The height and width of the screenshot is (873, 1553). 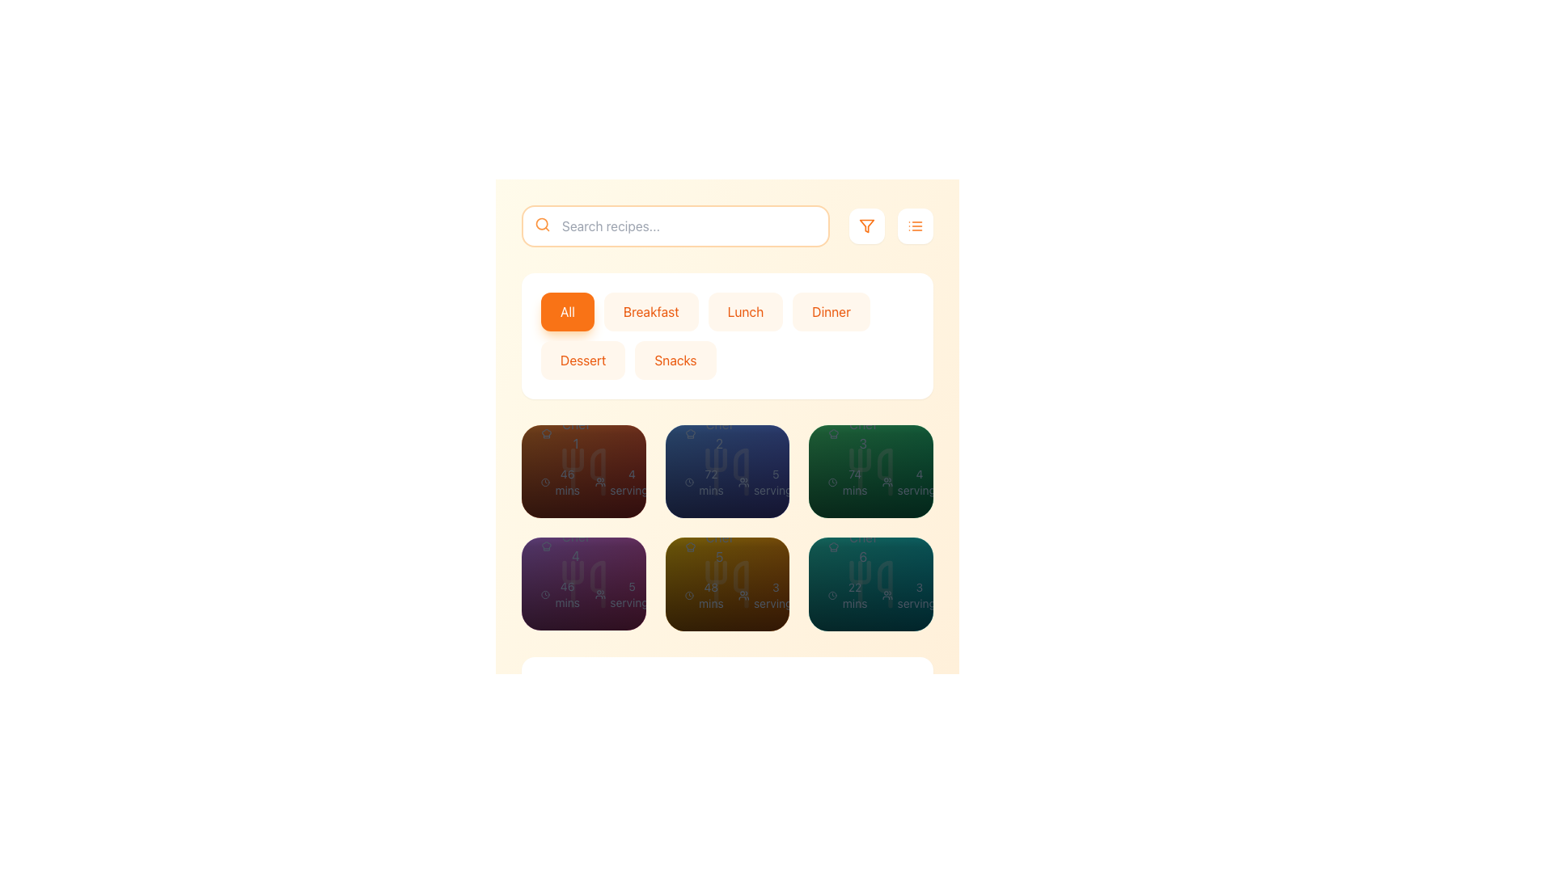 I want to click on the text indicator showing the number of servings for a recipe, which is located in the bottom-right card of a grid layout, to interact or reveal tooltips, so click(x=912, y=595).